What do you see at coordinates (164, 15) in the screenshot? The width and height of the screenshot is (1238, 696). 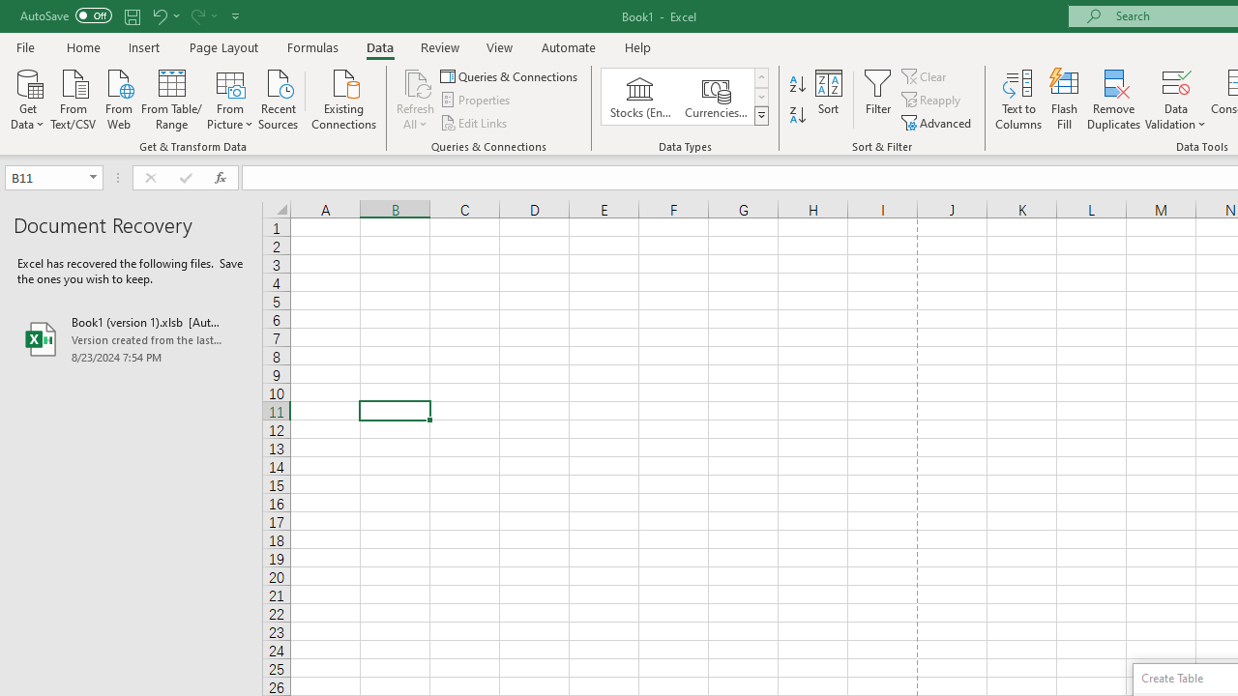 I see `'Undo'` at bounding box center [164, 15].